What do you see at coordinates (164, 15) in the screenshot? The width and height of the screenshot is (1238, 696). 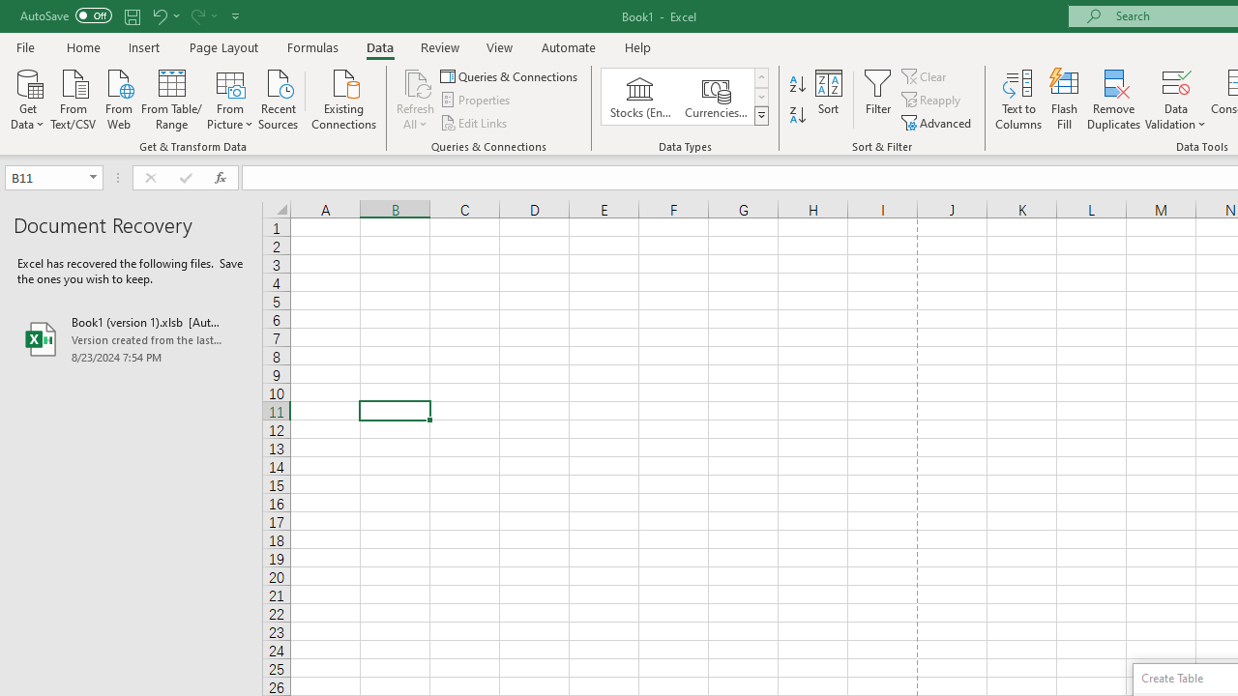 I see `'Undo'` at bounding box center [164, 15].